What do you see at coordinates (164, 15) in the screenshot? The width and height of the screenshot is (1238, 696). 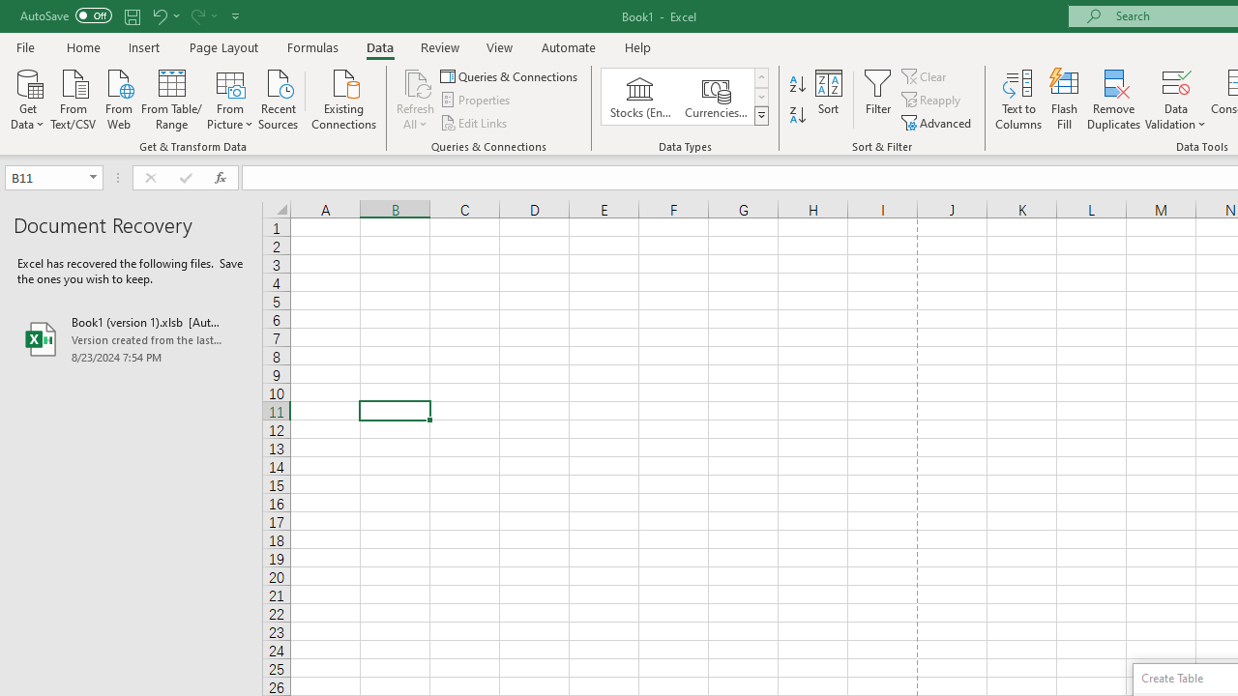 I see `'Undo'` at bounding box center [164, 15].